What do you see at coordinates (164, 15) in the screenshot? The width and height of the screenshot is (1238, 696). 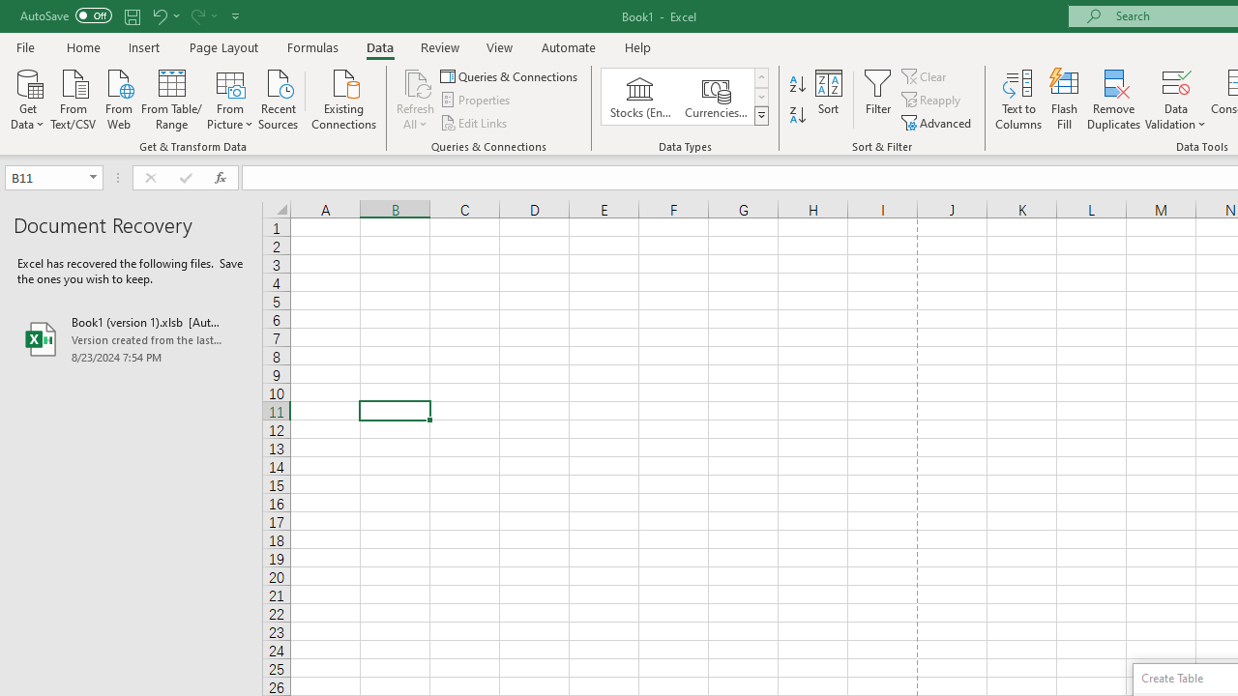 I see `'Undo'` at bounding box center [164, 15].